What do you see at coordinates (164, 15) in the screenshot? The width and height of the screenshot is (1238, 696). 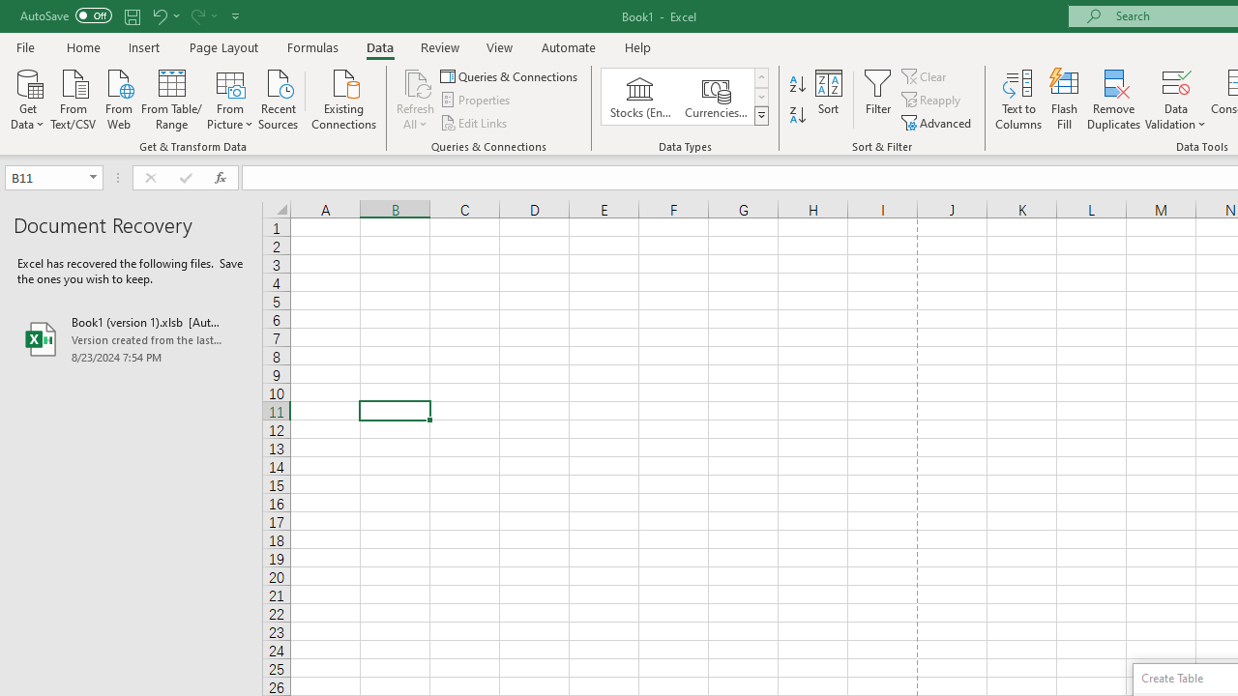 I see `'Undo'` at bounding box center [164, 15].